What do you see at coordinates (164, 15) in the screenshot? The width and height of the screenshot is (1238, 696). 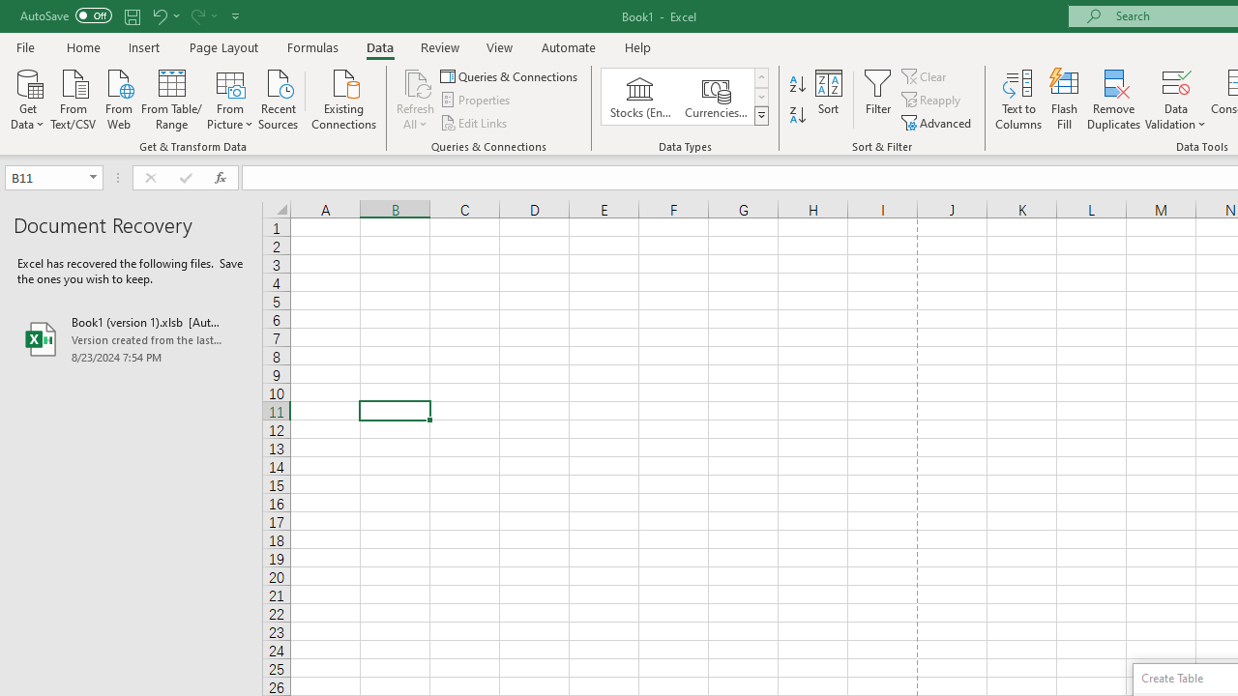 I see `'Undo'` at bounding box center [164, 15].